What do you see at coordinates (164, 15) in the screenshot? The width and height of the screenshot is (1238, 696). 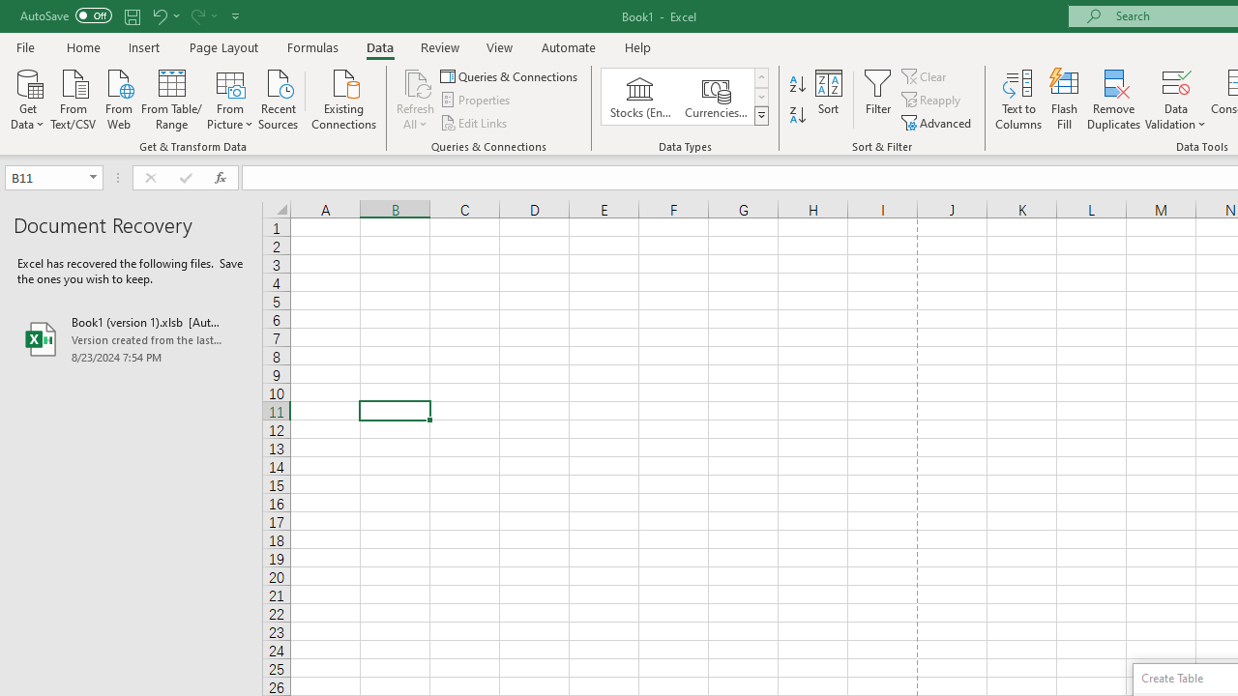 I see `'Undo'` at bounding box center [164, 15].